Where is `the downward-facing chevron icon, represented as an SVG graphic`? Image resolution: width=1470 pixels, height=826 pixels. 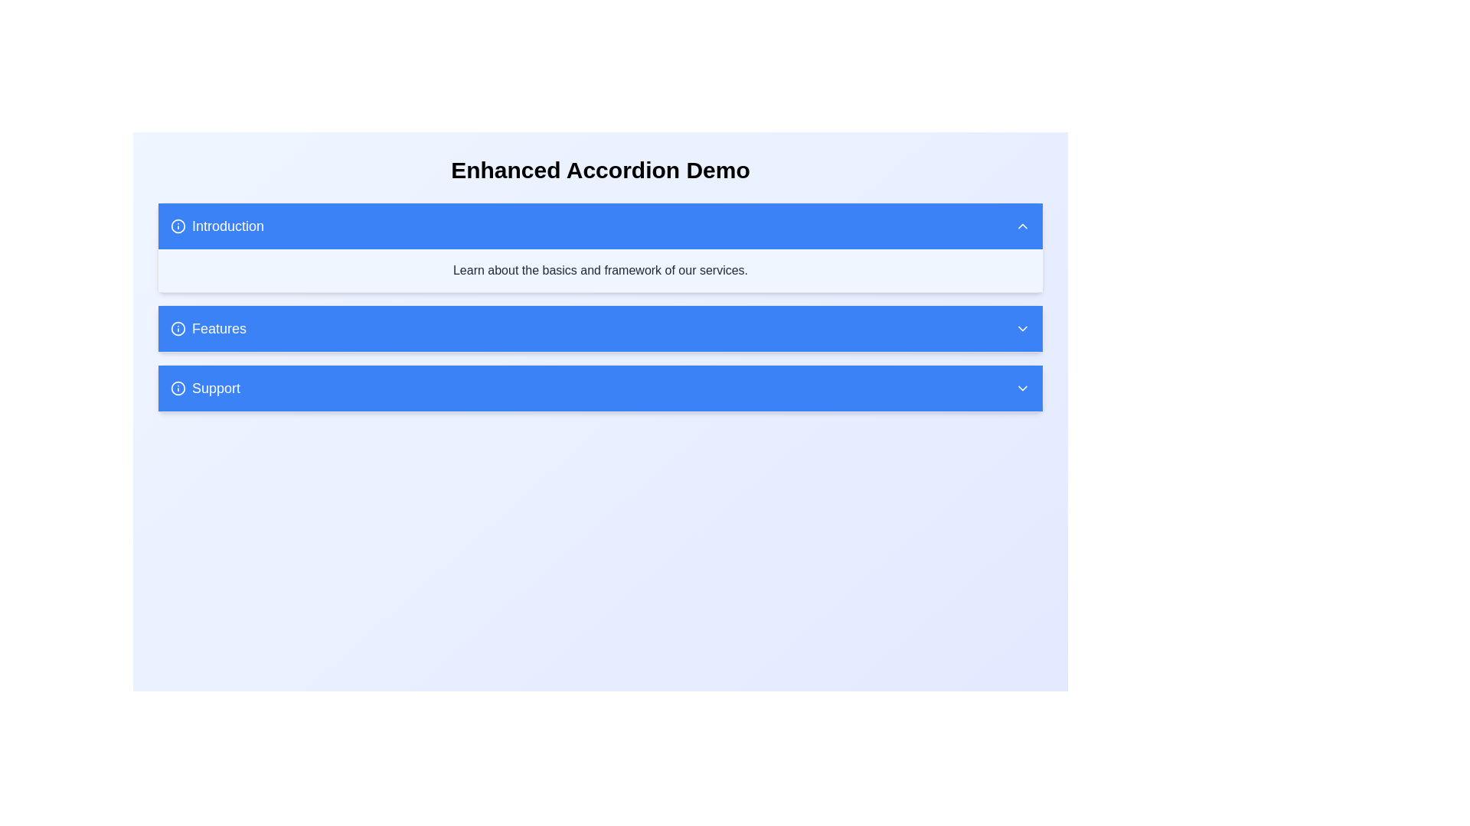 the downward-facing chevron icon, represented as an SVG graphic is located at coordinates (1022, 327).